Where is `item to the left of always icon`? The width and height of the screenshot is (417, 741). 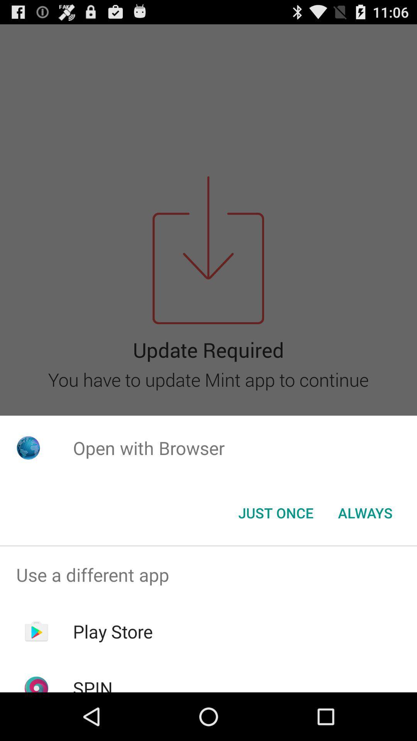 item to the left of always icon is located at coordinates (275, 513).